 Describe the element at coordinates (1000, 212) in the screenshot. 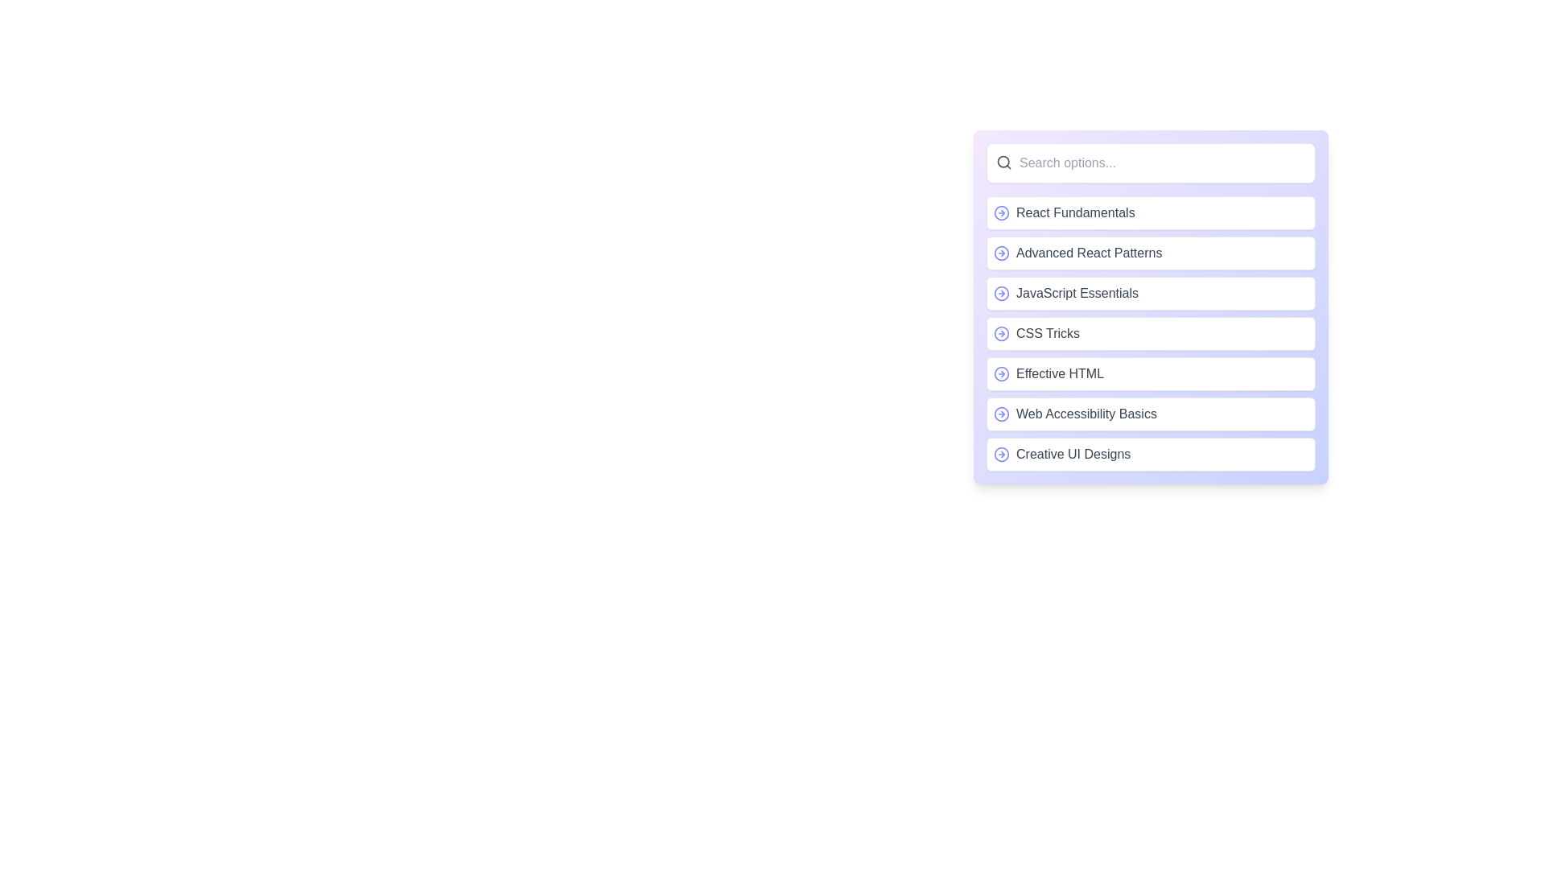

I see `the Graphical Icon Component that visually enhances the menu option for 'React Fundamentals' by moving the cursor to its location` at that location.